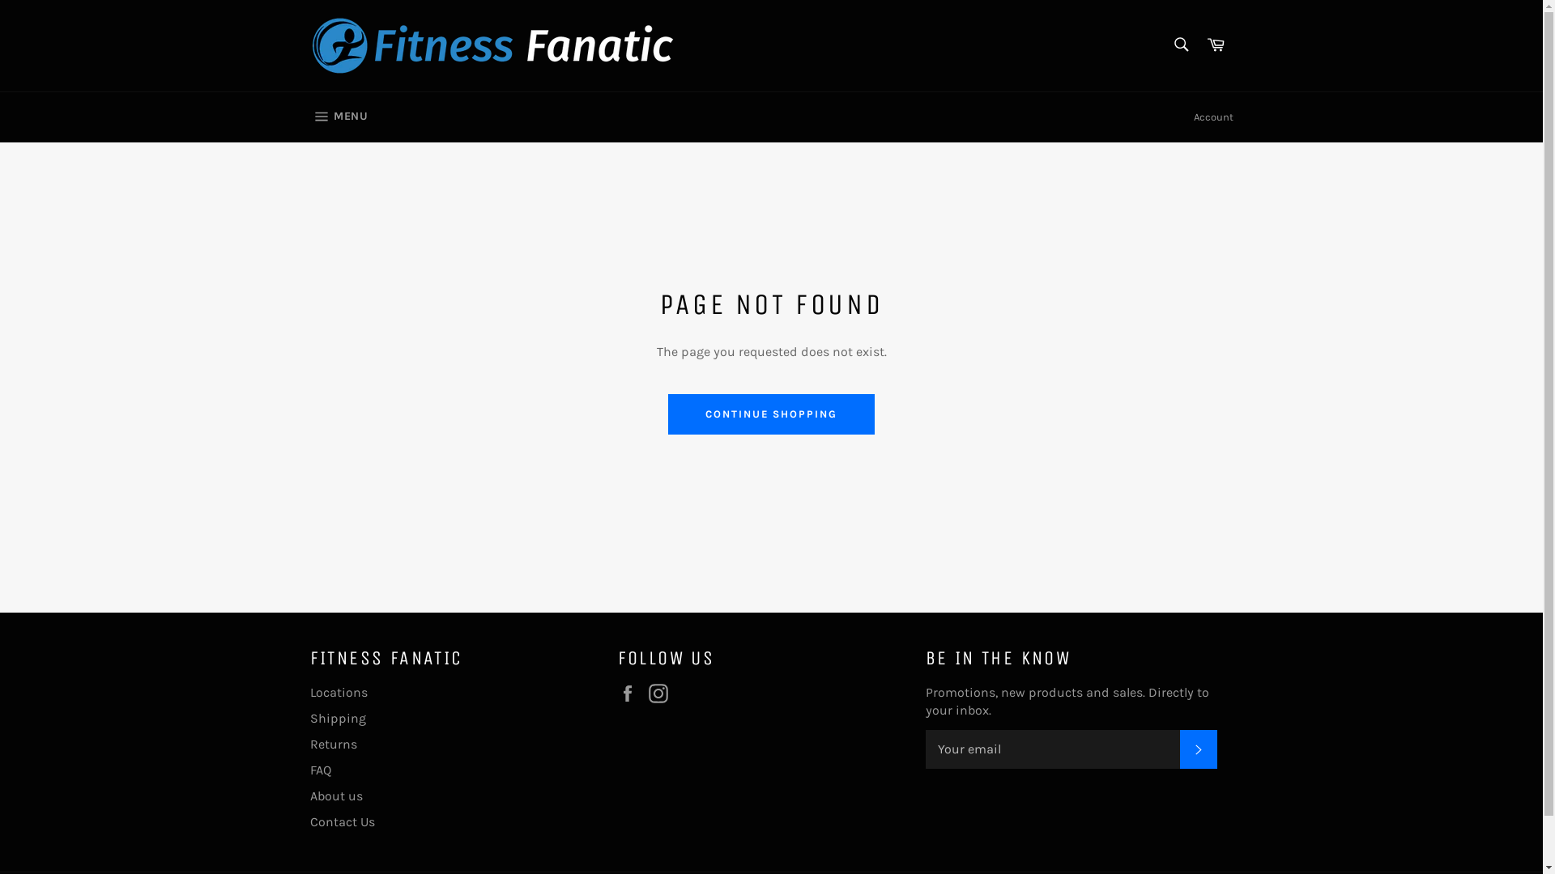 This screenshot has height=874, width=1555. Describe the element at coordinates (1197, 749) in the screenshot. I see `'SUBSCRIBE'` at that location.